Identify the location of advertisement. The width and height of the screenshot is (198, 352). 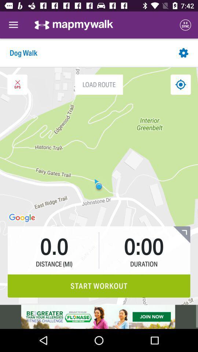
(99, 316).